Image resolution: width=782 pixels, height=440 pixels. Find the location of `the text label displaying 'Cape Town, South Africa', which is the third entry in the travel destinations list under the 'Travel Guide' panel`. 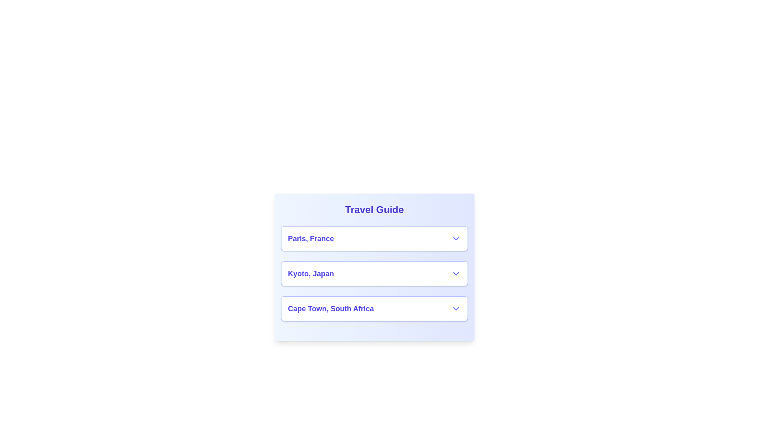

the text label displaying 'Cape Town, South Africa', which is the third entry in the travel destinations list under the 'Travel Guide' panel is located at coordinates (331, 309).